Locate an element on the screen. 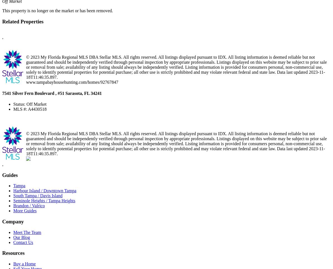 This screenshot has width=333, height=269. 'Meet The Team' is located at coordinates (27, 232).